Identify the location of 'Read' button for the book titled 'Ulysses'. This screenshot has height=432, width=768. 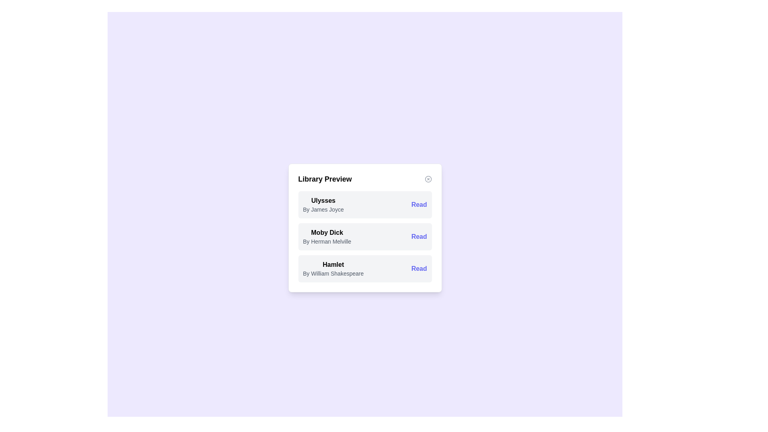
(418, 204).